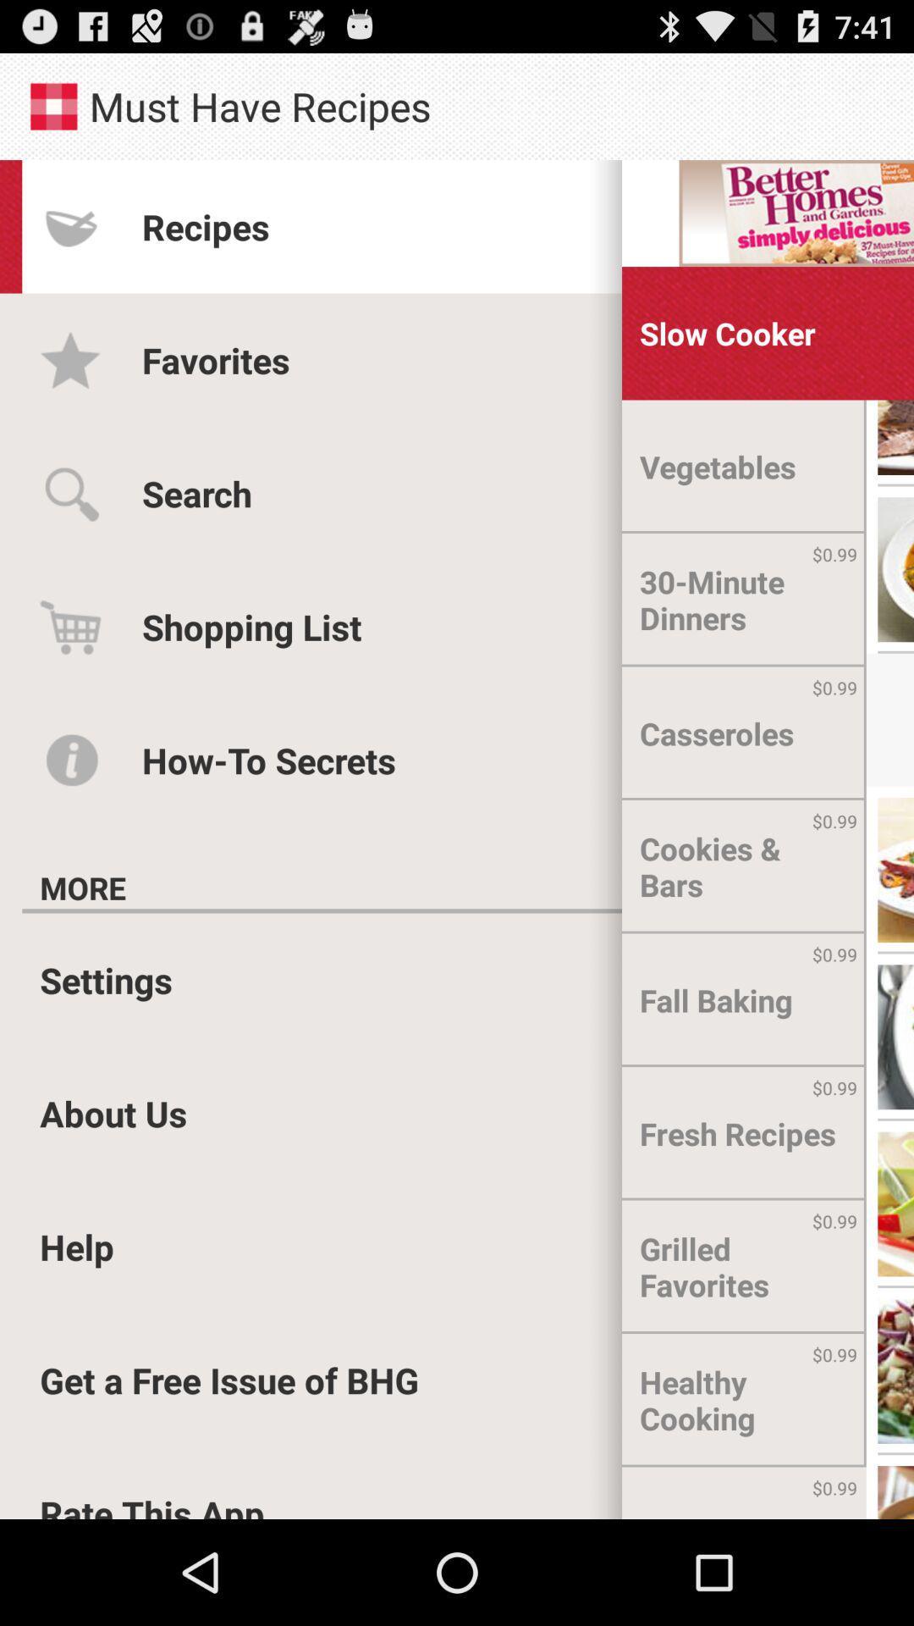 The height and width of the screenshot is (1626, 914). I want to click on the app below the search app, so click(251, 626).